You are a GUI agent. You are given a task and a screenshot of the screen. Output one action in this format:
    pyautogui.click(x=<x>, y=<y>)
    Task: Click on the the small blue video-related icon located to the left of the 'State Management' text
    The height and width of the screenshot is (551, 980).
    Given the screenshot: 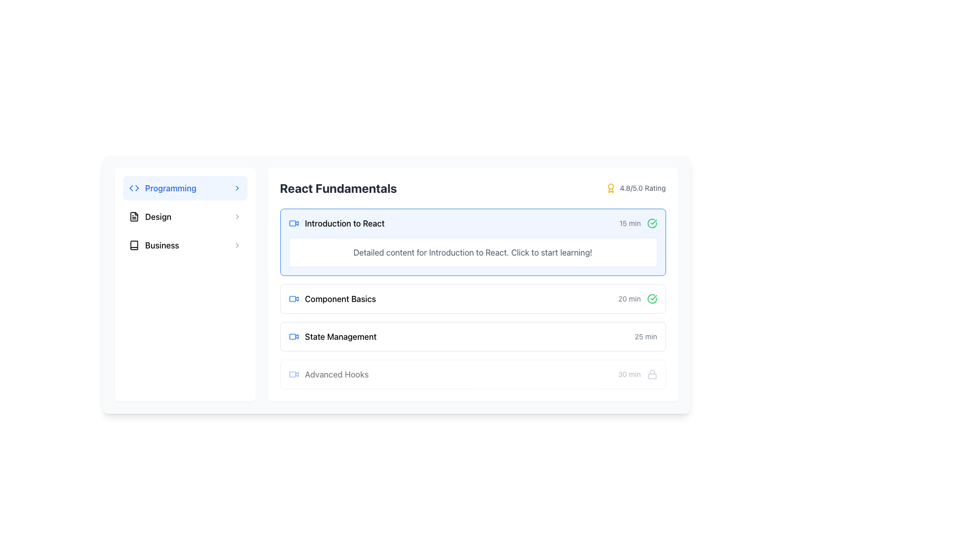 What is the action you would take?
    pyautogui.click(x=293, y=336)
    